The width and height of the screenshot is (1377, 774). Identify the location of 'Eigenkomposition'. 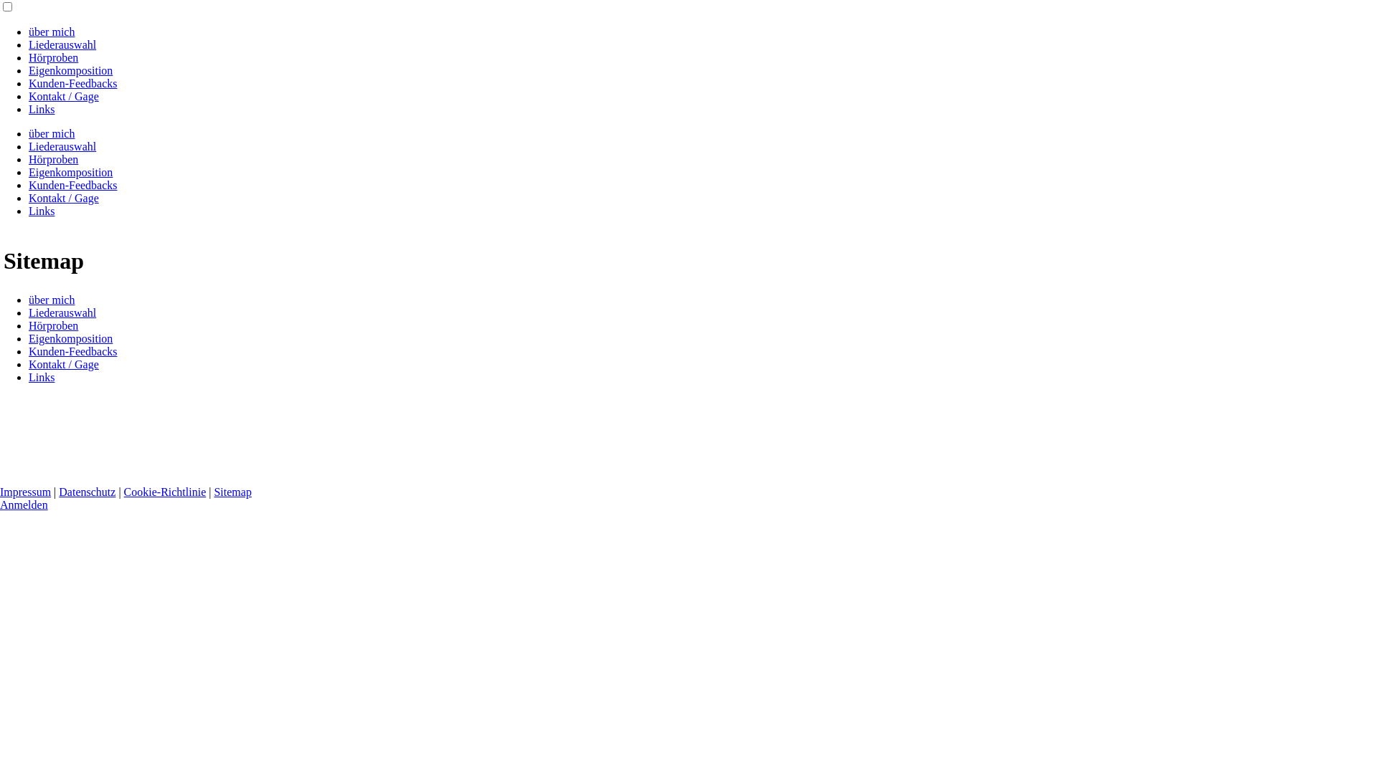
(28, 338).